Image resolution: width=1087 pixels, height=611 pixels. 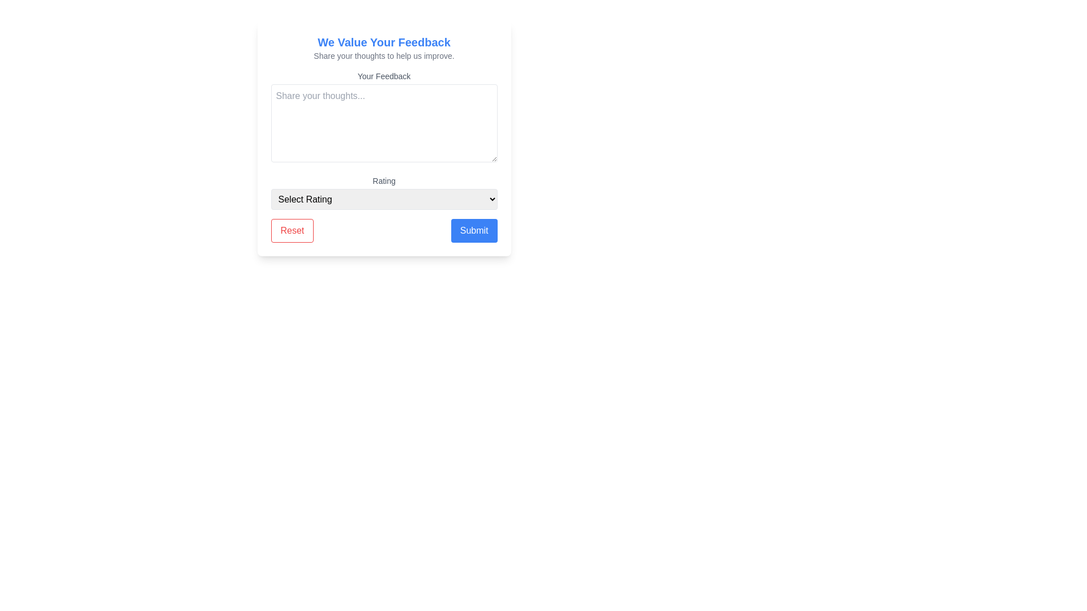 What do you see at coordinates (474, 230) in the screenshot?
I see `the submit button located at the bottom-right corner of the form` at bounding box center [474, 230].